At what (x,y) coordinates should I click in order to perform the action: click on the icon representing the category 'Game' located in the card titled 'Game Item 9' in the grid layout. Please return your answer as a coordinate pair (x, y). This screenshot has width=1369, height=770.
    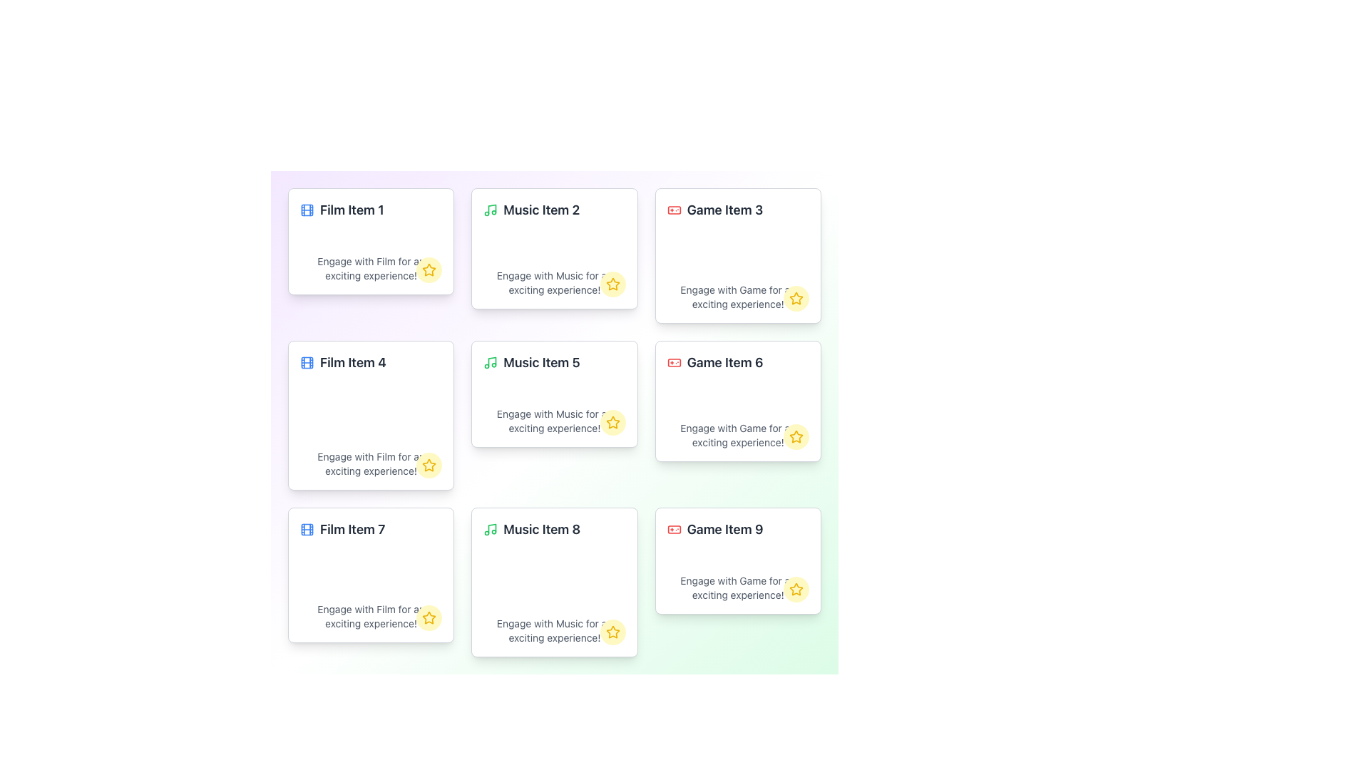
    Looking at the image, I should click on (673, 530).